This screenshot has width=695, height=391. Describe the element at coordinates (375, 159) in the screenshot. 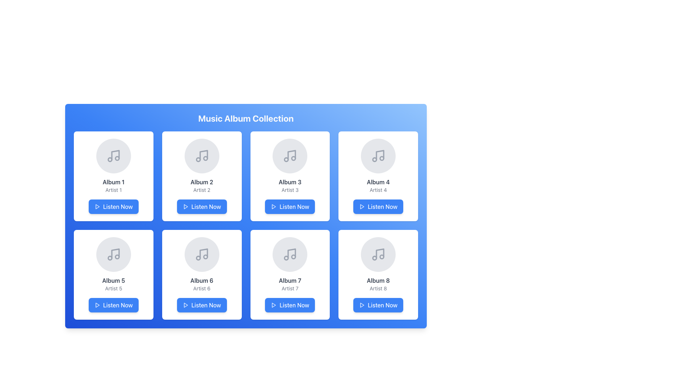

I see `the ornamental musical note icon in the 'Album 4' display, located in the center of the music icon in the fourth tile of the album card grid` at that location.